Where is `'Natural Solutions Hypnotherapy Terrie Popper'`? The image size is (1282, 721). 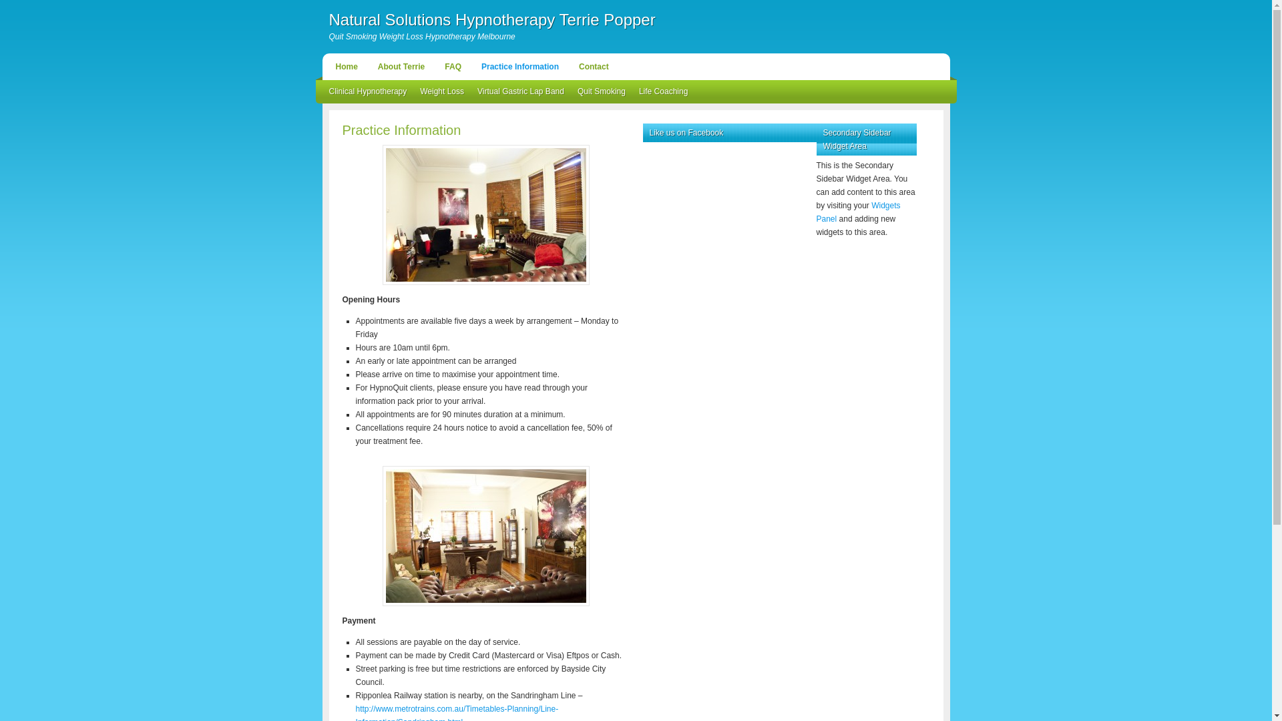 'Natural Solutions Hypnotherapy Terrie Popper' is located at coordinates (491, 19).